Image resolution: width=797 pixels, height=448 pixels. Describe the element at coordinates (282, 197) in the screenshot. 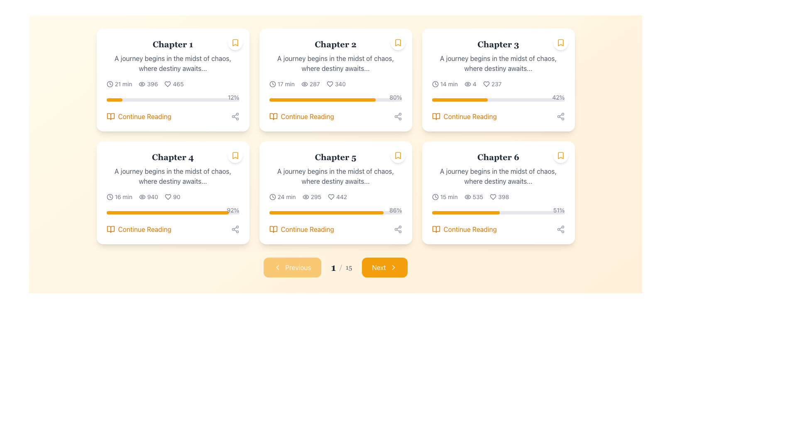

I see `the informational text with an icon that provides the estimated reading time for 'Chapter 5', located in the bottom-left part of the 'Chapter 5' card` at that location.